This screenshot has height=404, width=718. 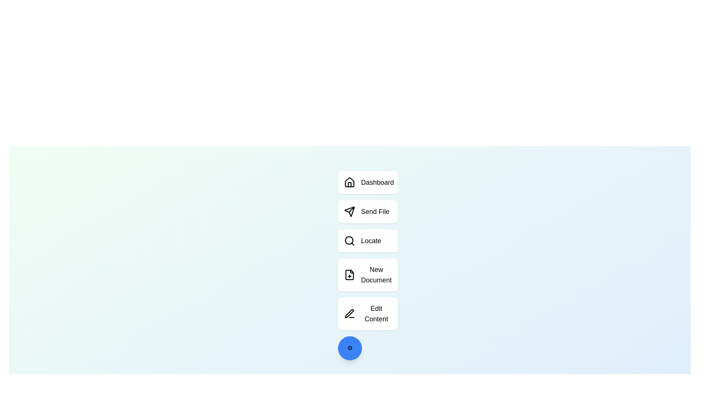 I want to click on the Edit Content button in the menu, so click(x=368, y=314).